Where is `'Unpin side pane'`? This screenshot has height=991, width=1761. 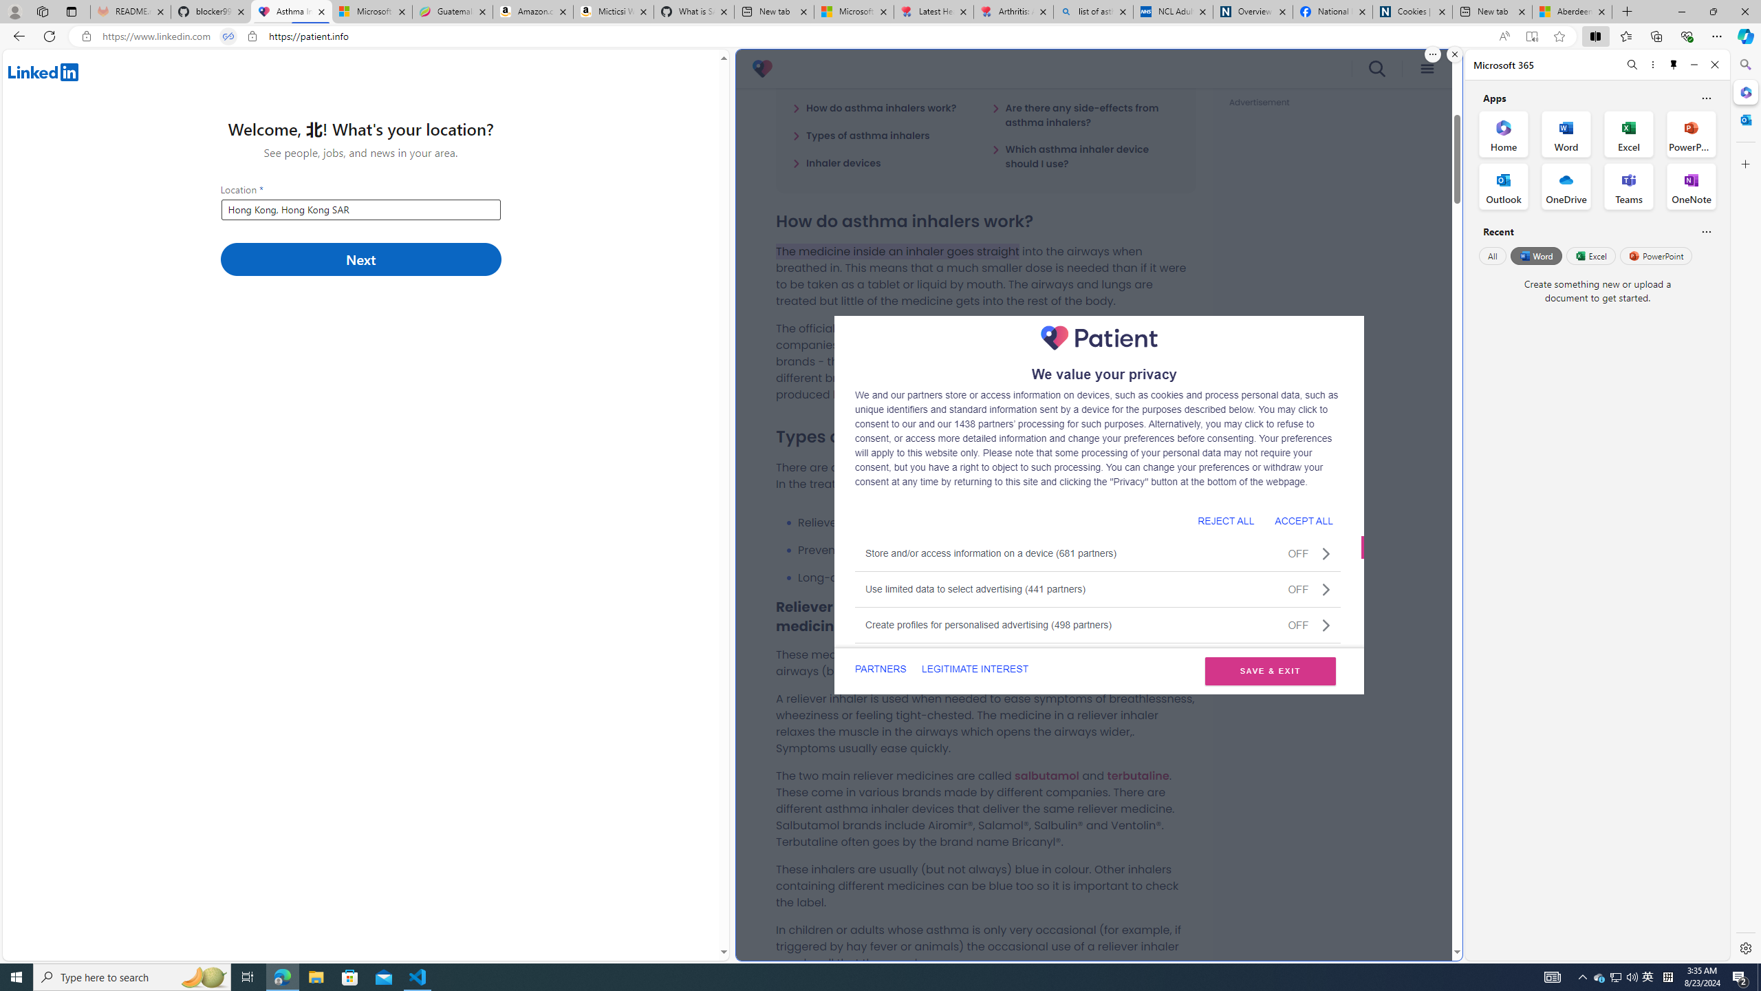 'Unpin side pane' is located at coordinates (1674, 64).